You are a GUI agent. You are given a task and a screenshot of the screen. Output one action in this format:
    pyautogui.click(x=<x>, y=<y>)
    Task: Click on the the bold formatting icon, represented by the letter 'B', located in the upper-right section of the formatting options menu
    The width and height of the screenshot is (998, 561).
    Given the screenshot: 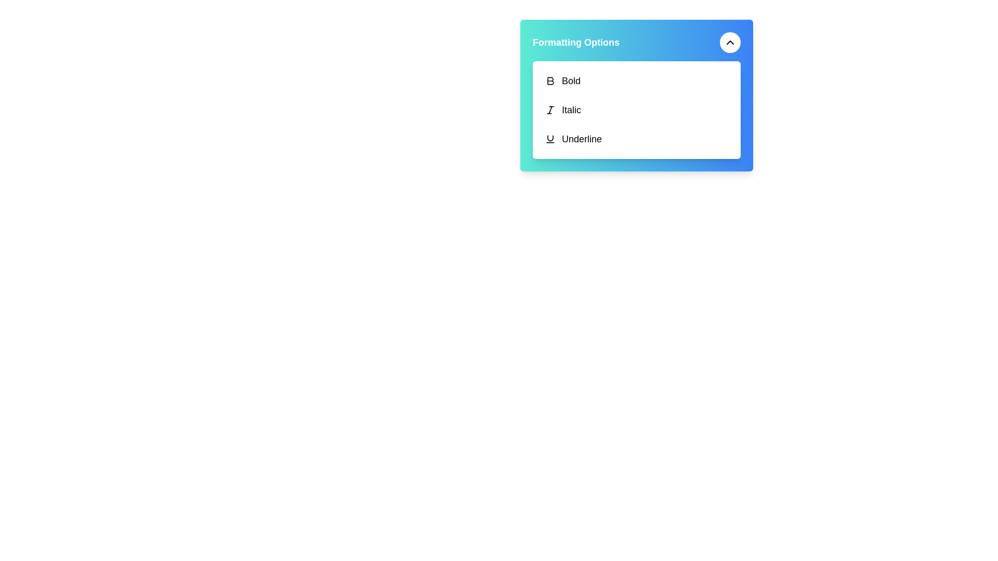 What is the action you would take?
    pyautogui.click(x=550, y=80)
    